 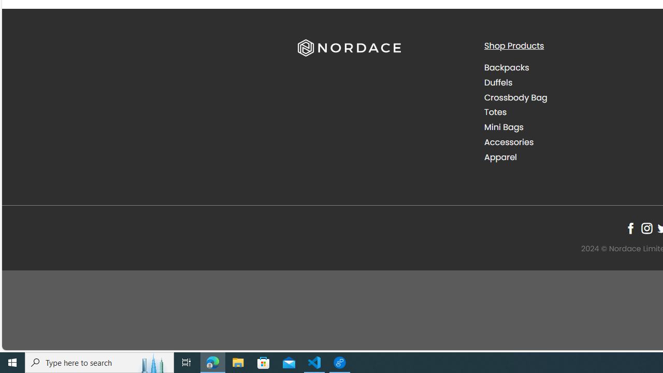 I want to click on 'Mini Bags', so click(x=503, y=126).